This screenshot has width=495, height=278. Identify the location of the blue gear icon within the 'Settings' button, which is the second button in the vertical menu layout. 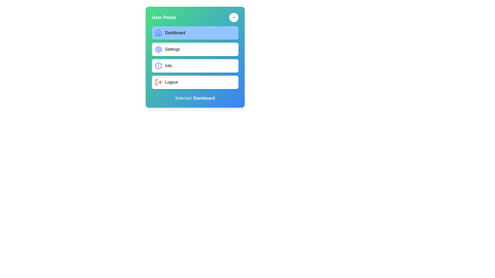
(158, 49).